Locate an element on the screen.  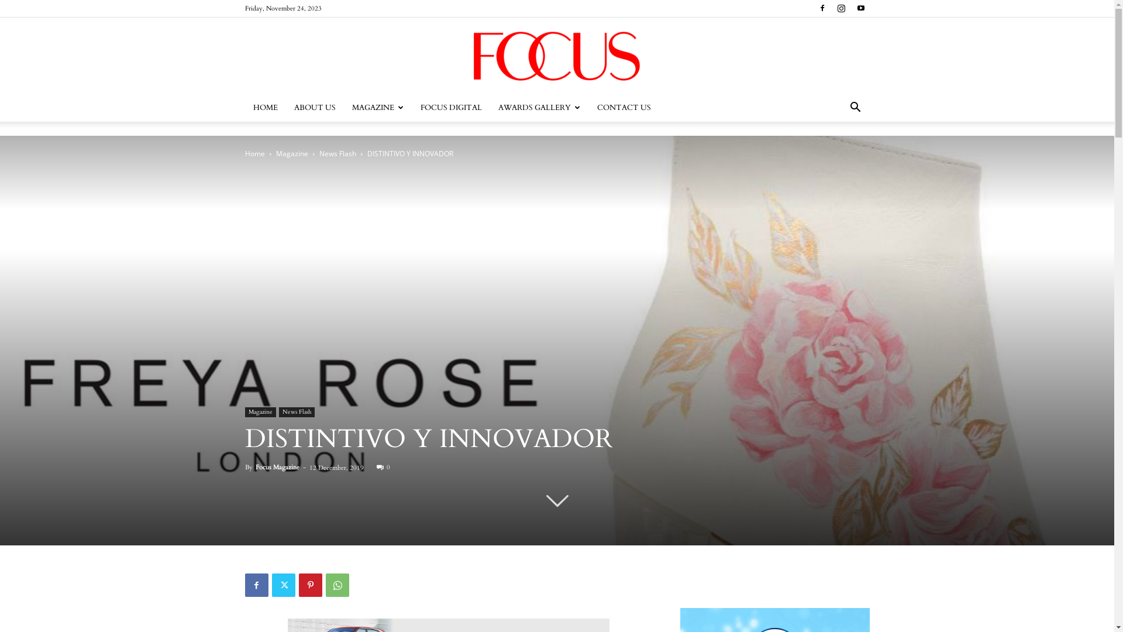
'FOCUS DIGITAL' is located at coordinates (412, 108).